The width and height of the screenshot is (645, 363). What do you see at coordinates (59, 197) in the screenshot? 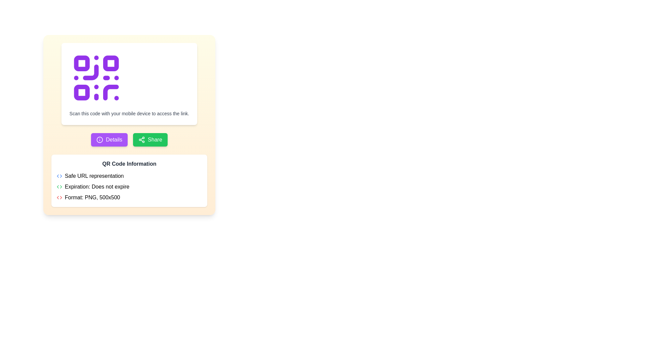
I see `the icon located to the left of the 'Format: PNG, 500x500' text in the QR Code Information section, which serves as a visual indicator for code-related information` at bounding box center [59, 197].